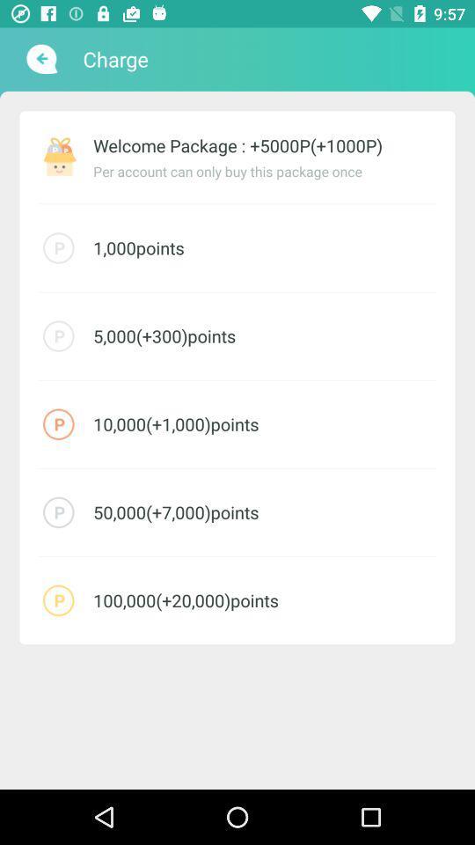 The width and height of the screenshot is (475, 845). What do you see at coordinates (58, 423) in the screenshot?
I see `the icon on left to the text 100001000points on the web page` at bounding box center [58, 423].